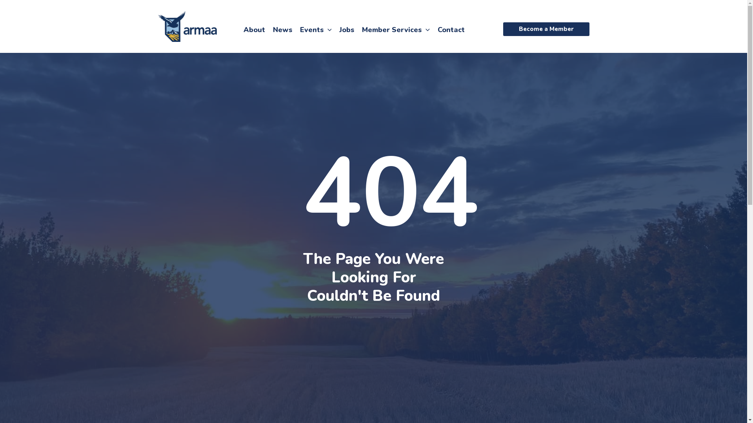  I want to click on 'About', so click(254, 29).